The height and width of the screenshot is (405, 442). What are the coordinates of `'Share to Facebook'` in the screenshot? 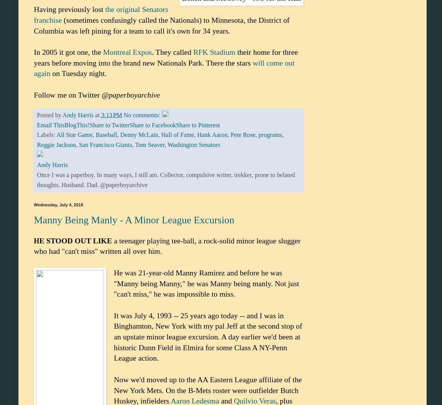 It's located at (152, 125).